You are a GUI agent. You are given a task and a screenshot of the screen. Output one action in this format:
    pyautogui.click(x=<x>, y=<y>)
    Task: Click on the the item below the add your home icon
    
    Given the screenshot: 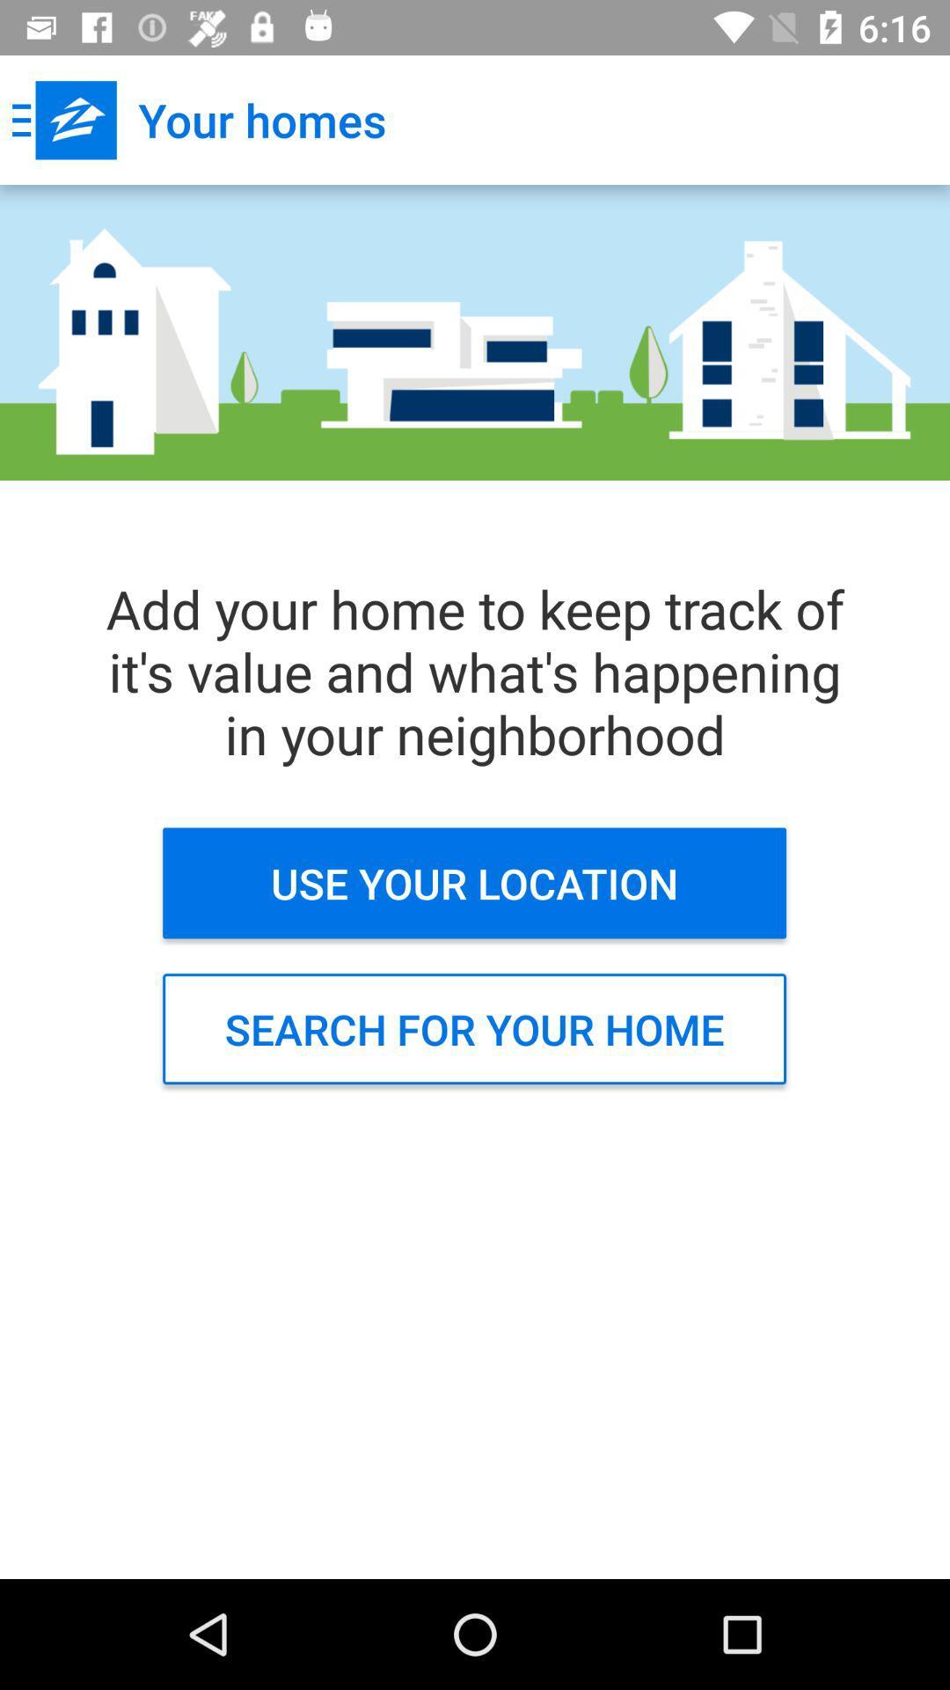 What is the action you would take?
    pyautogui.click(x=473, y=883)
    